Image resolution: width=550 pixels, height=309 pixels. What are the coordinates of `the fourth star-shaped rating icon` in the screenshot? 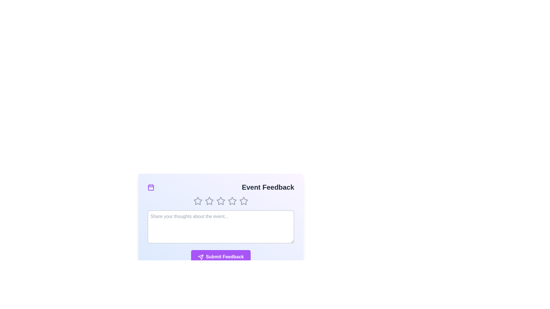 It's located at (232, 201).